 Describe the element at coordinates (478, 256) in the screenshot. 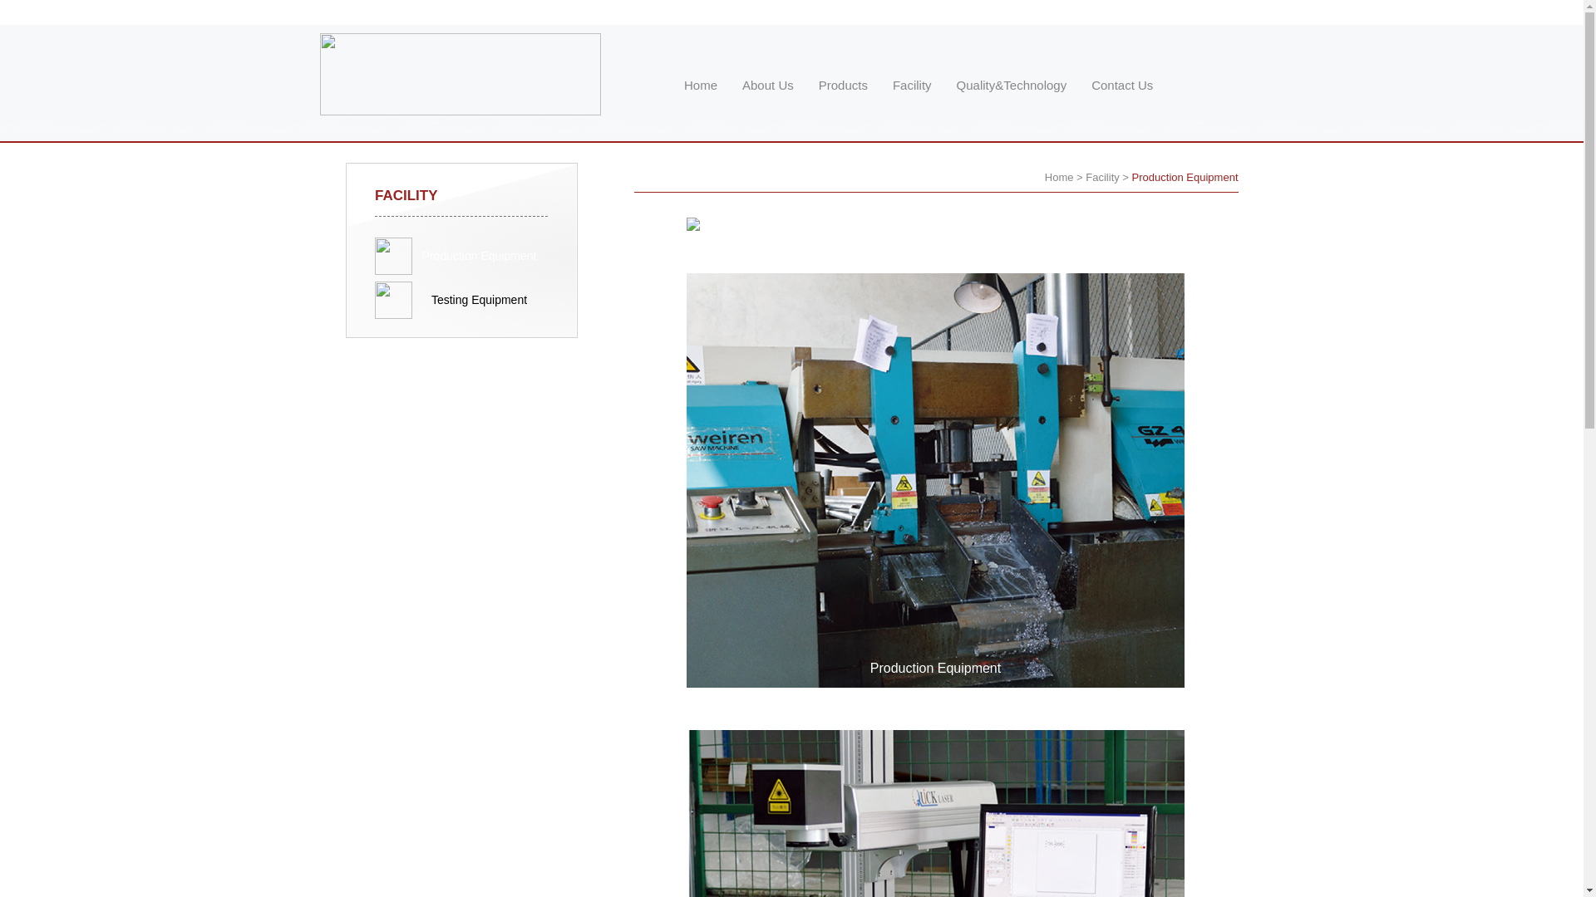

I see `'Production Equipment'` at that location.